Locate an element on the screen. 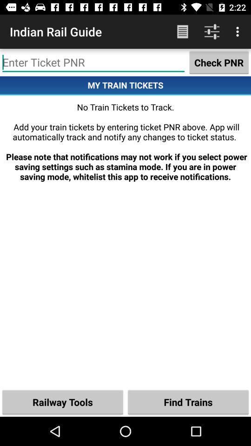  the icon to the right of the railway tools icon is located at coordinates (188, 401).